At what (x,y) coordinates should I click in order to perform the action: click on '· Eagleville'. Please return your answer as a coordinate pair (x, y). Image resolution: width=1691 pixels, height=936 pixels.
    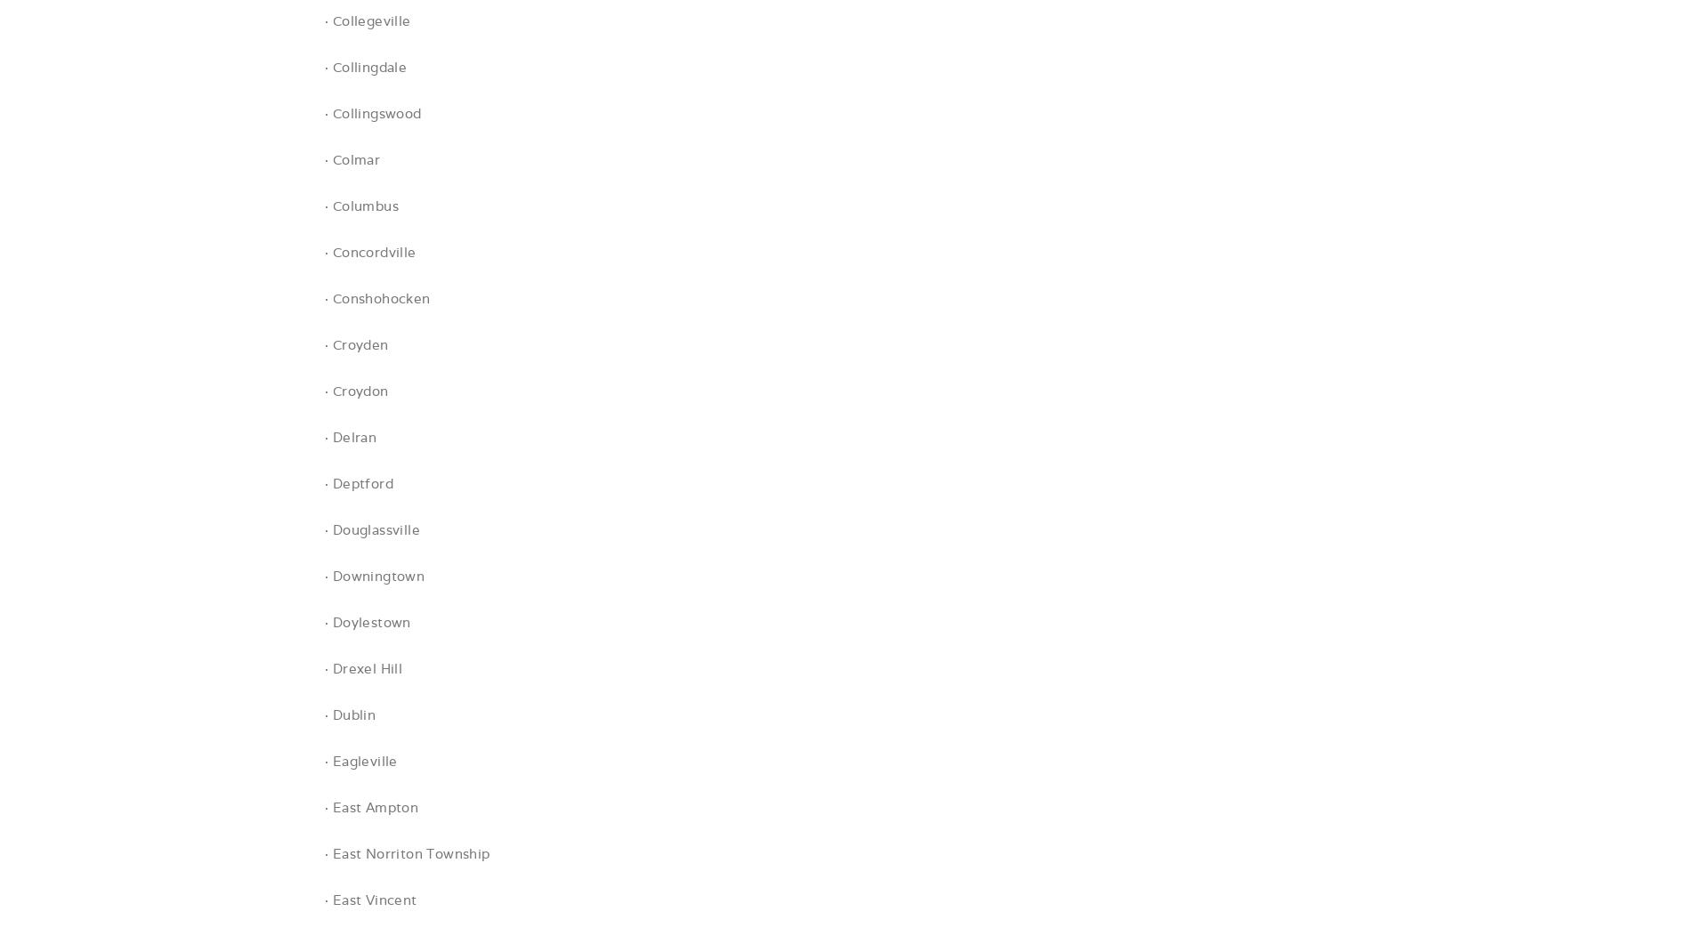
    Looking at the image, I should click on (360, 760).